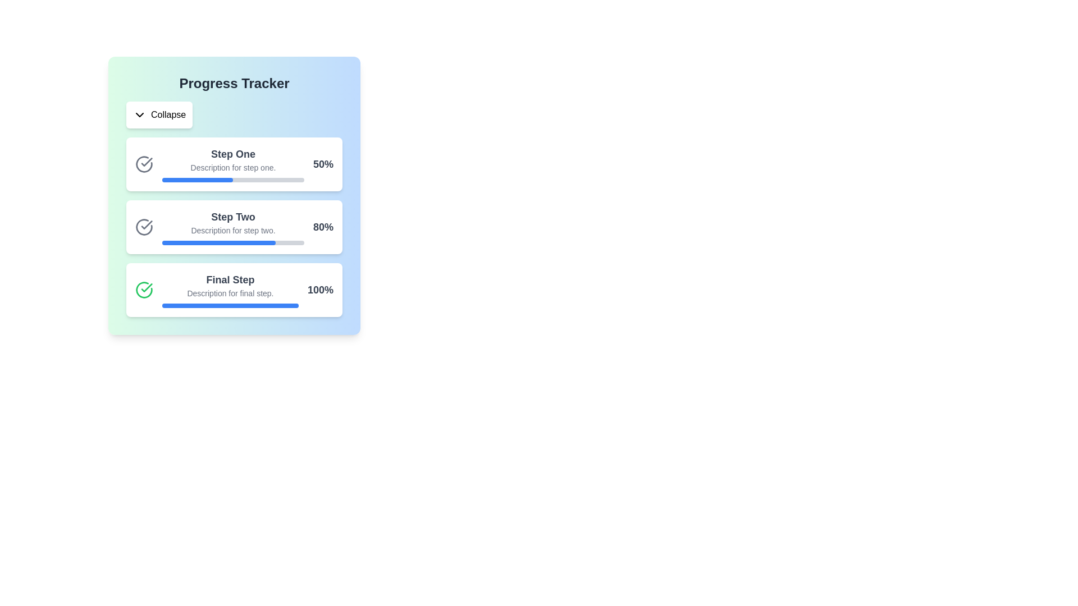 The image size is (1078, 606). What do you see at coordinates (144, 164) in the screenshot?
I see `the circular icon with a checkmark symbol inside, styled with a gray stroke, located to the left of the 'Step One' description in the 'Progress Tracker' interface` at bounding box center [144, 164].